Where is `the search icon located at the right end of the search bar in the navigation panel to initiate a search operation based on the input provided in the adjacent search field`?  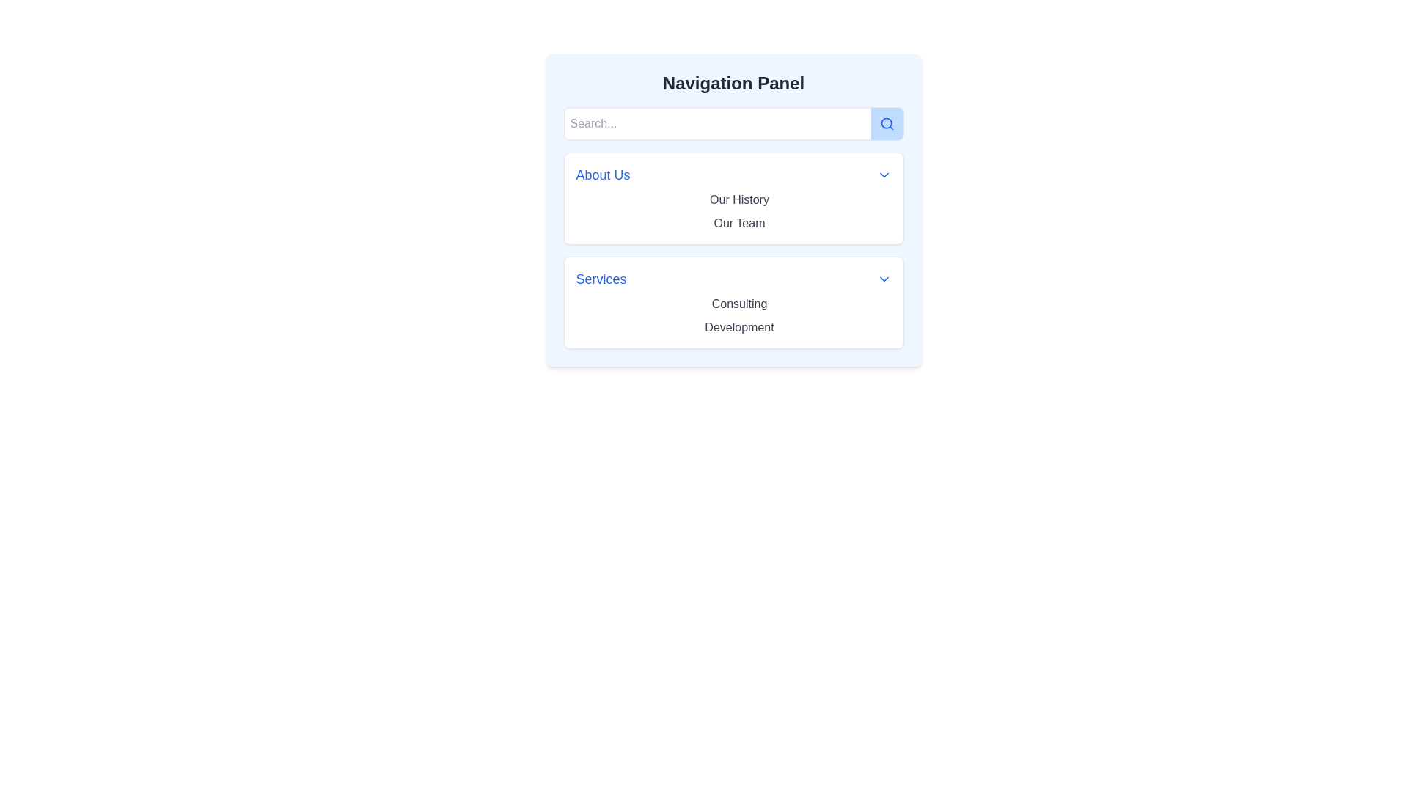
the search icon located at the right end of the search bar in the navigation panel to initiate a search operation based on the input provided in the adjacent search field is located at coordinates (886, 123).